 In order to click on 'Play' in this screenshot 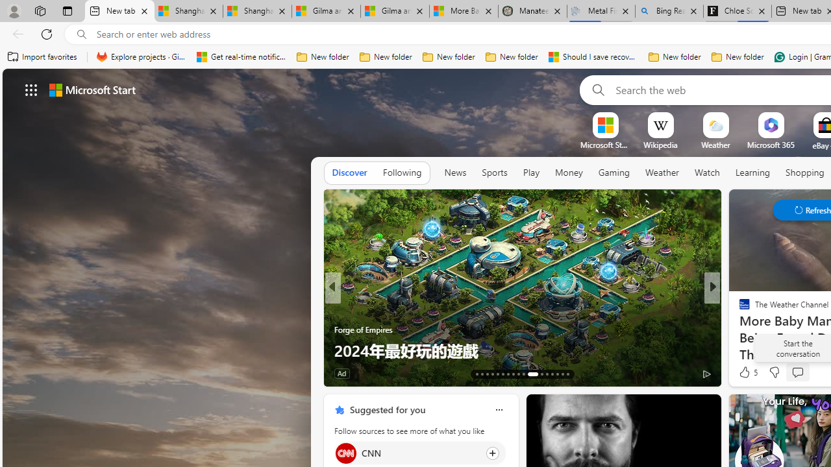, I will do `click(530, 172)`.